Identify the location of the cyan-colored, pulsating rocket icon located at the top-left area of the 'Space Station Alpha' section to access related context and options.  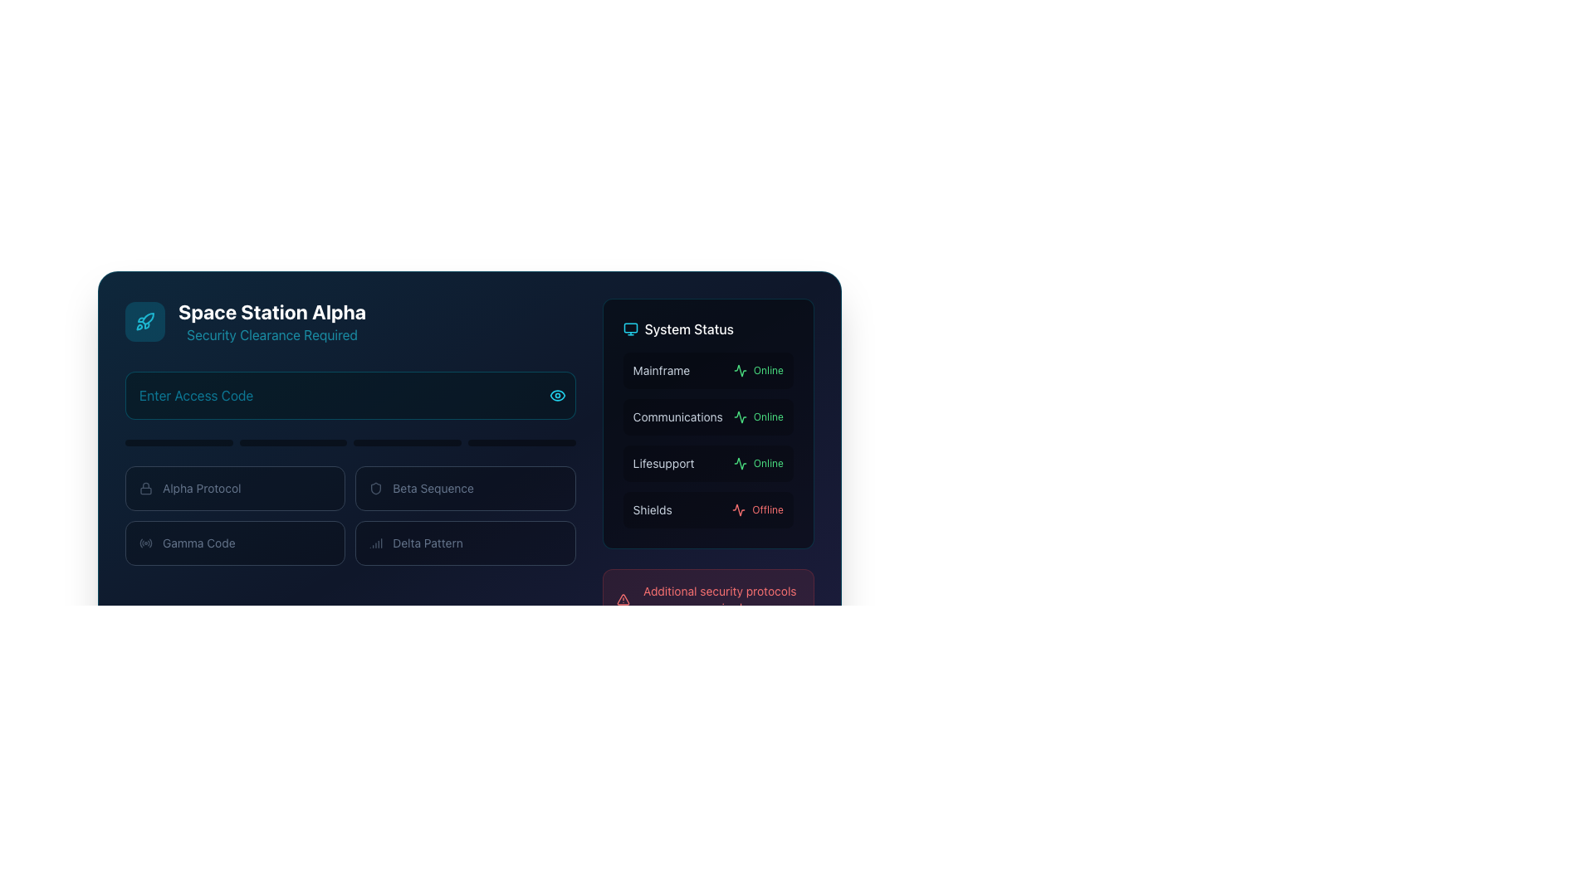
(144, 322).